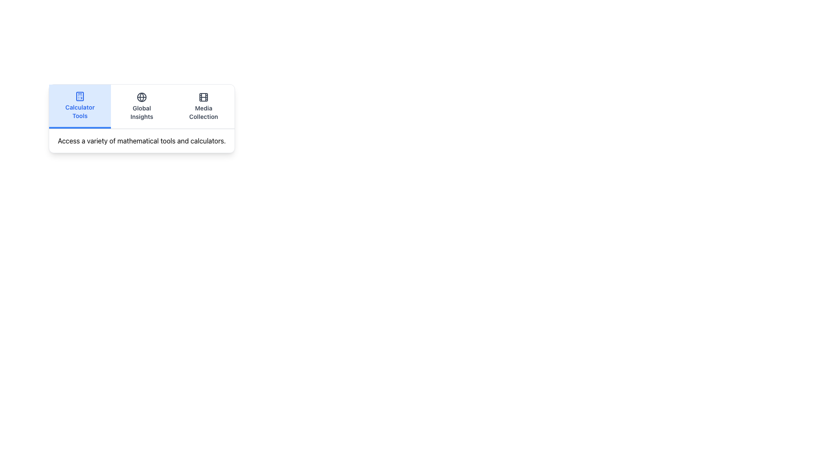 The image size is (813, 457). I want to click on the 'Calculator Tools' button with a light blue background, so click(80, 106).